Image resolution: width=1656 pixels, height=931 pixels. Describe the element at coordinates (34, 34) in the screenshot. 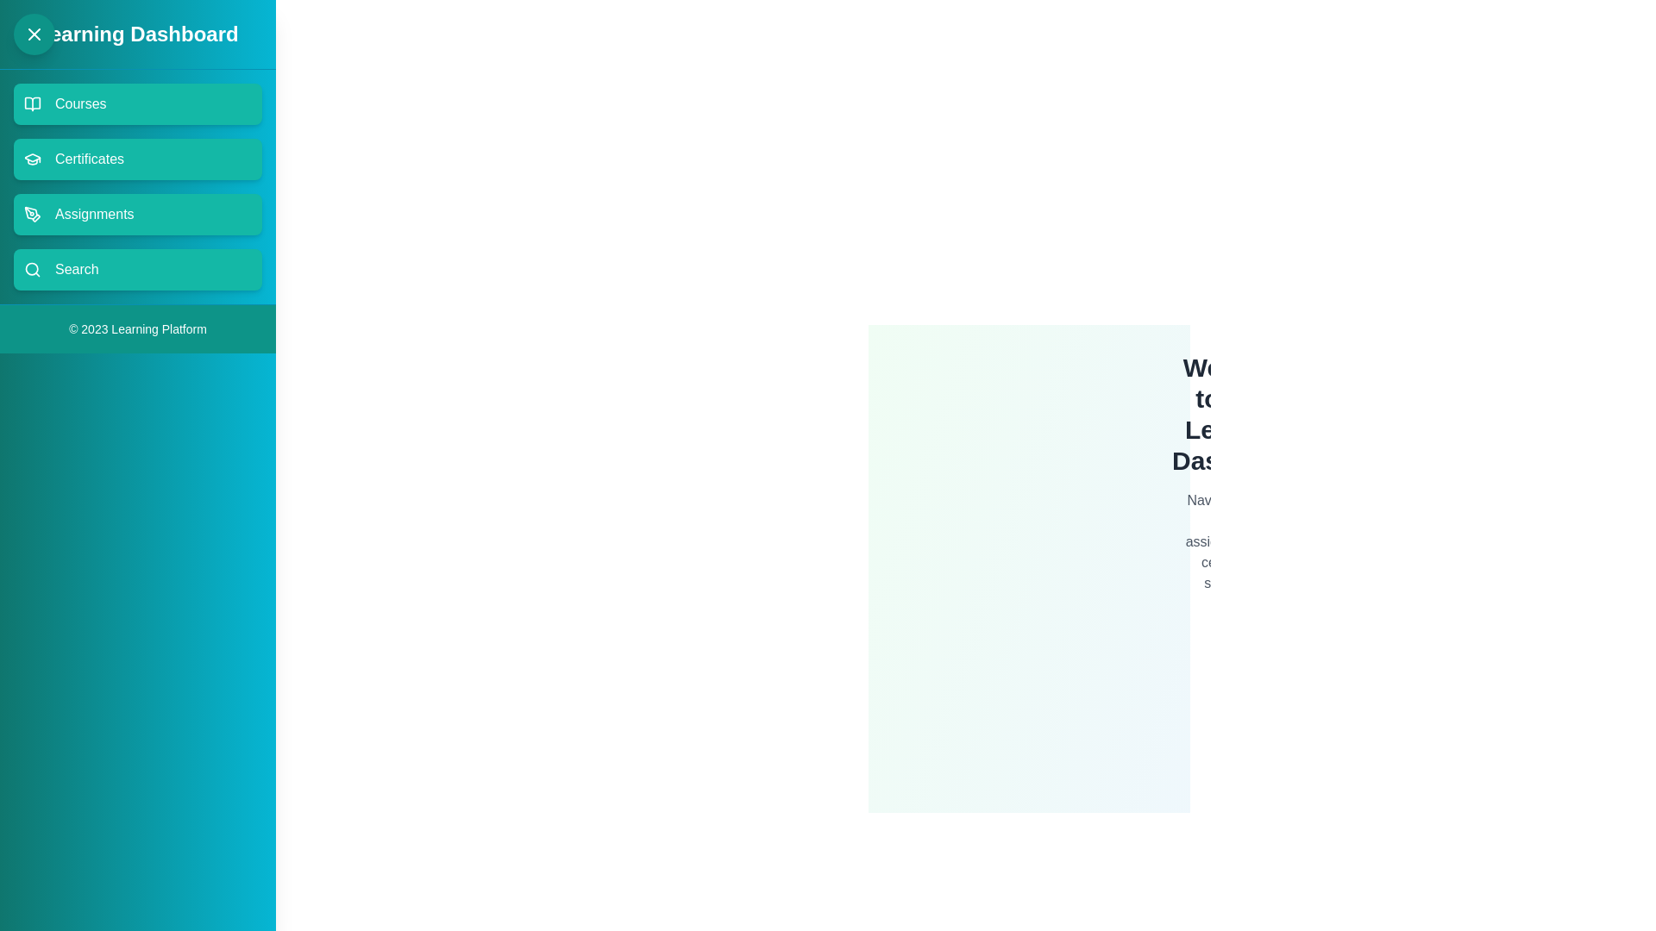

I see `the close icon resembling an 'X' within the teal circular button` at that location.